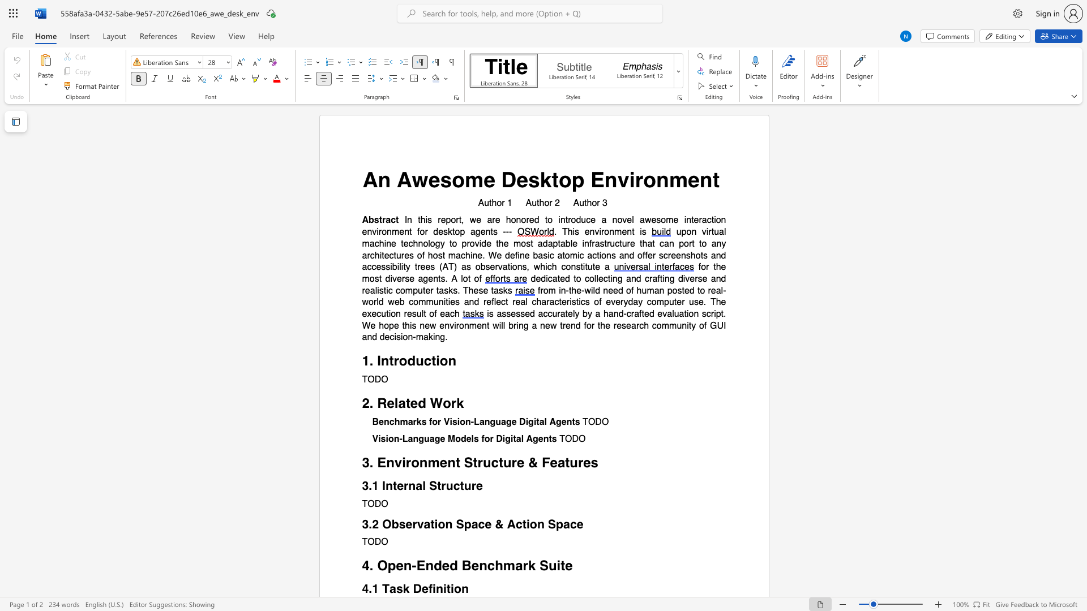  What do you see at coordinates (537, 438) in the screenshot?
I see `the subset text "ent" within the text "Vision-Language Models for Digital Agents"` at bounding box center [537, 438].